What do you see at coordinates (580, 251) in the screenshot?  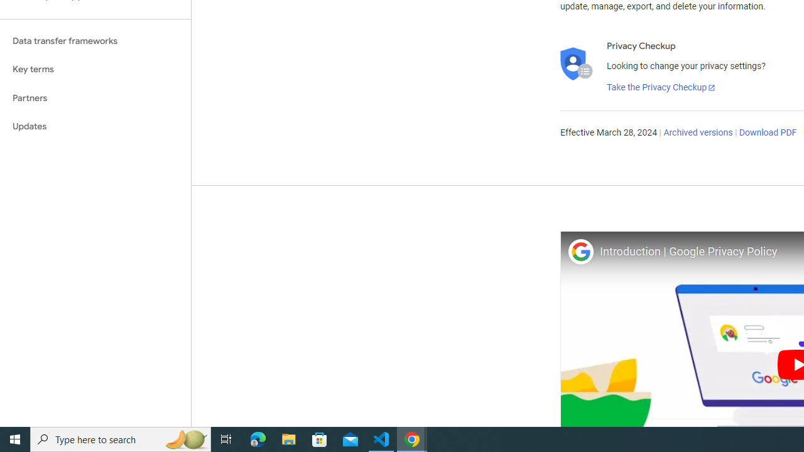 I see `'Photo image of Google'` at bounding box center [580, 251].